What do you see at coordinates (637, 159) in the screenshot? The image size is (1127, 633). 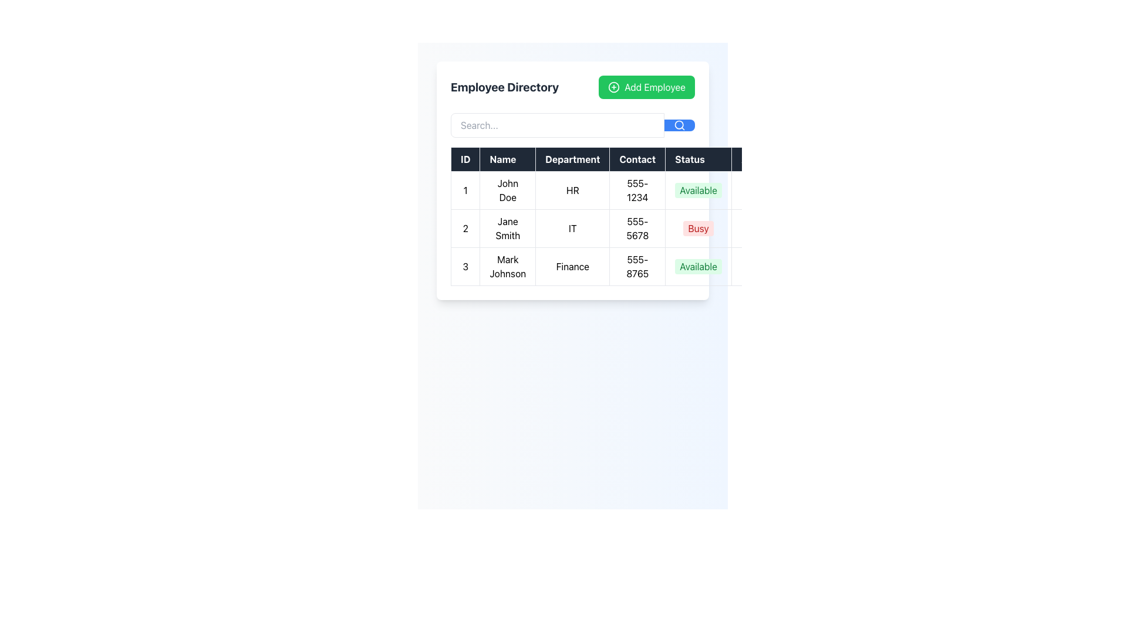 I see `the 'Contact' column header in the table, which is the fourth column header positioned after 'Department' and before 'Status'` at bounding box center [637, 159].